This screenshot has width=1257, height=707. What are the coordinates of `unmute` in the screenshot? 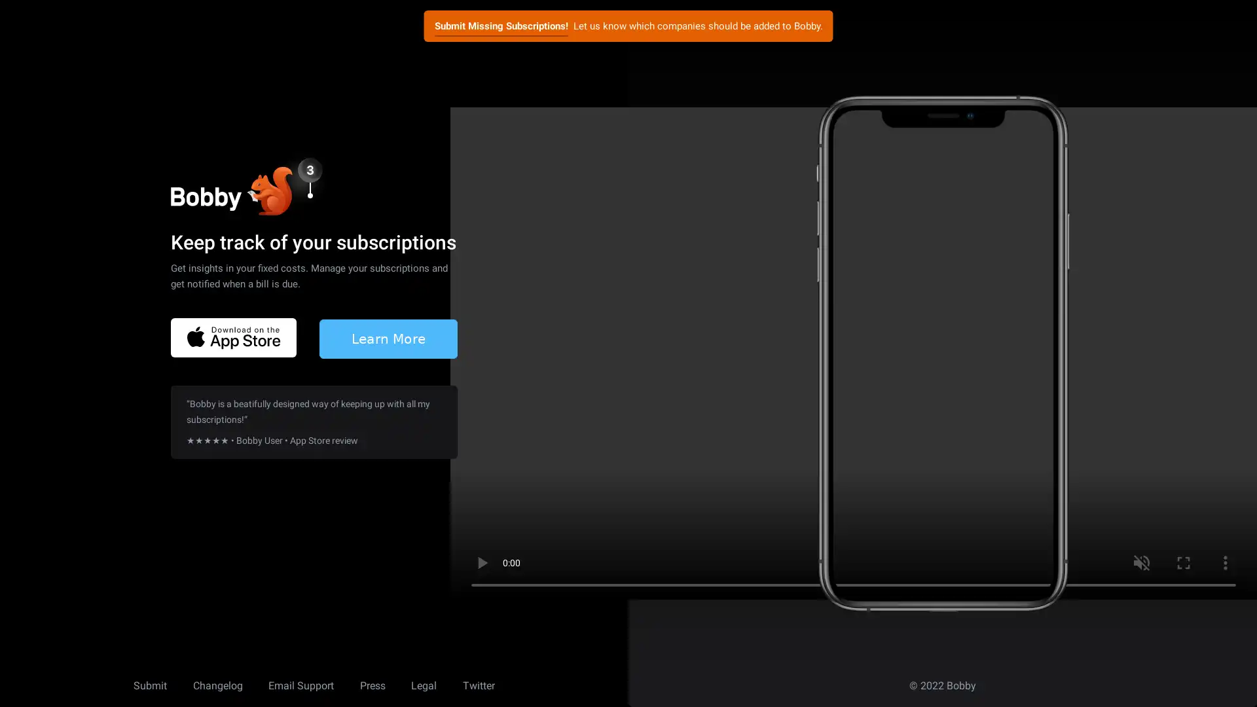 It's located at (1140, 562).